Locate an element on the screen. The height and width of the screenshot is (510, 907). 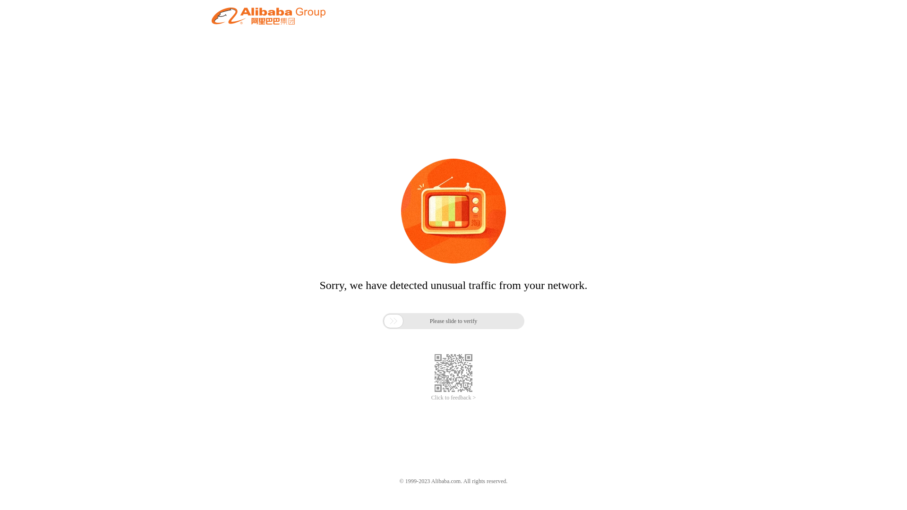
'Click to feedback >' is located at coordinates (453, 398).